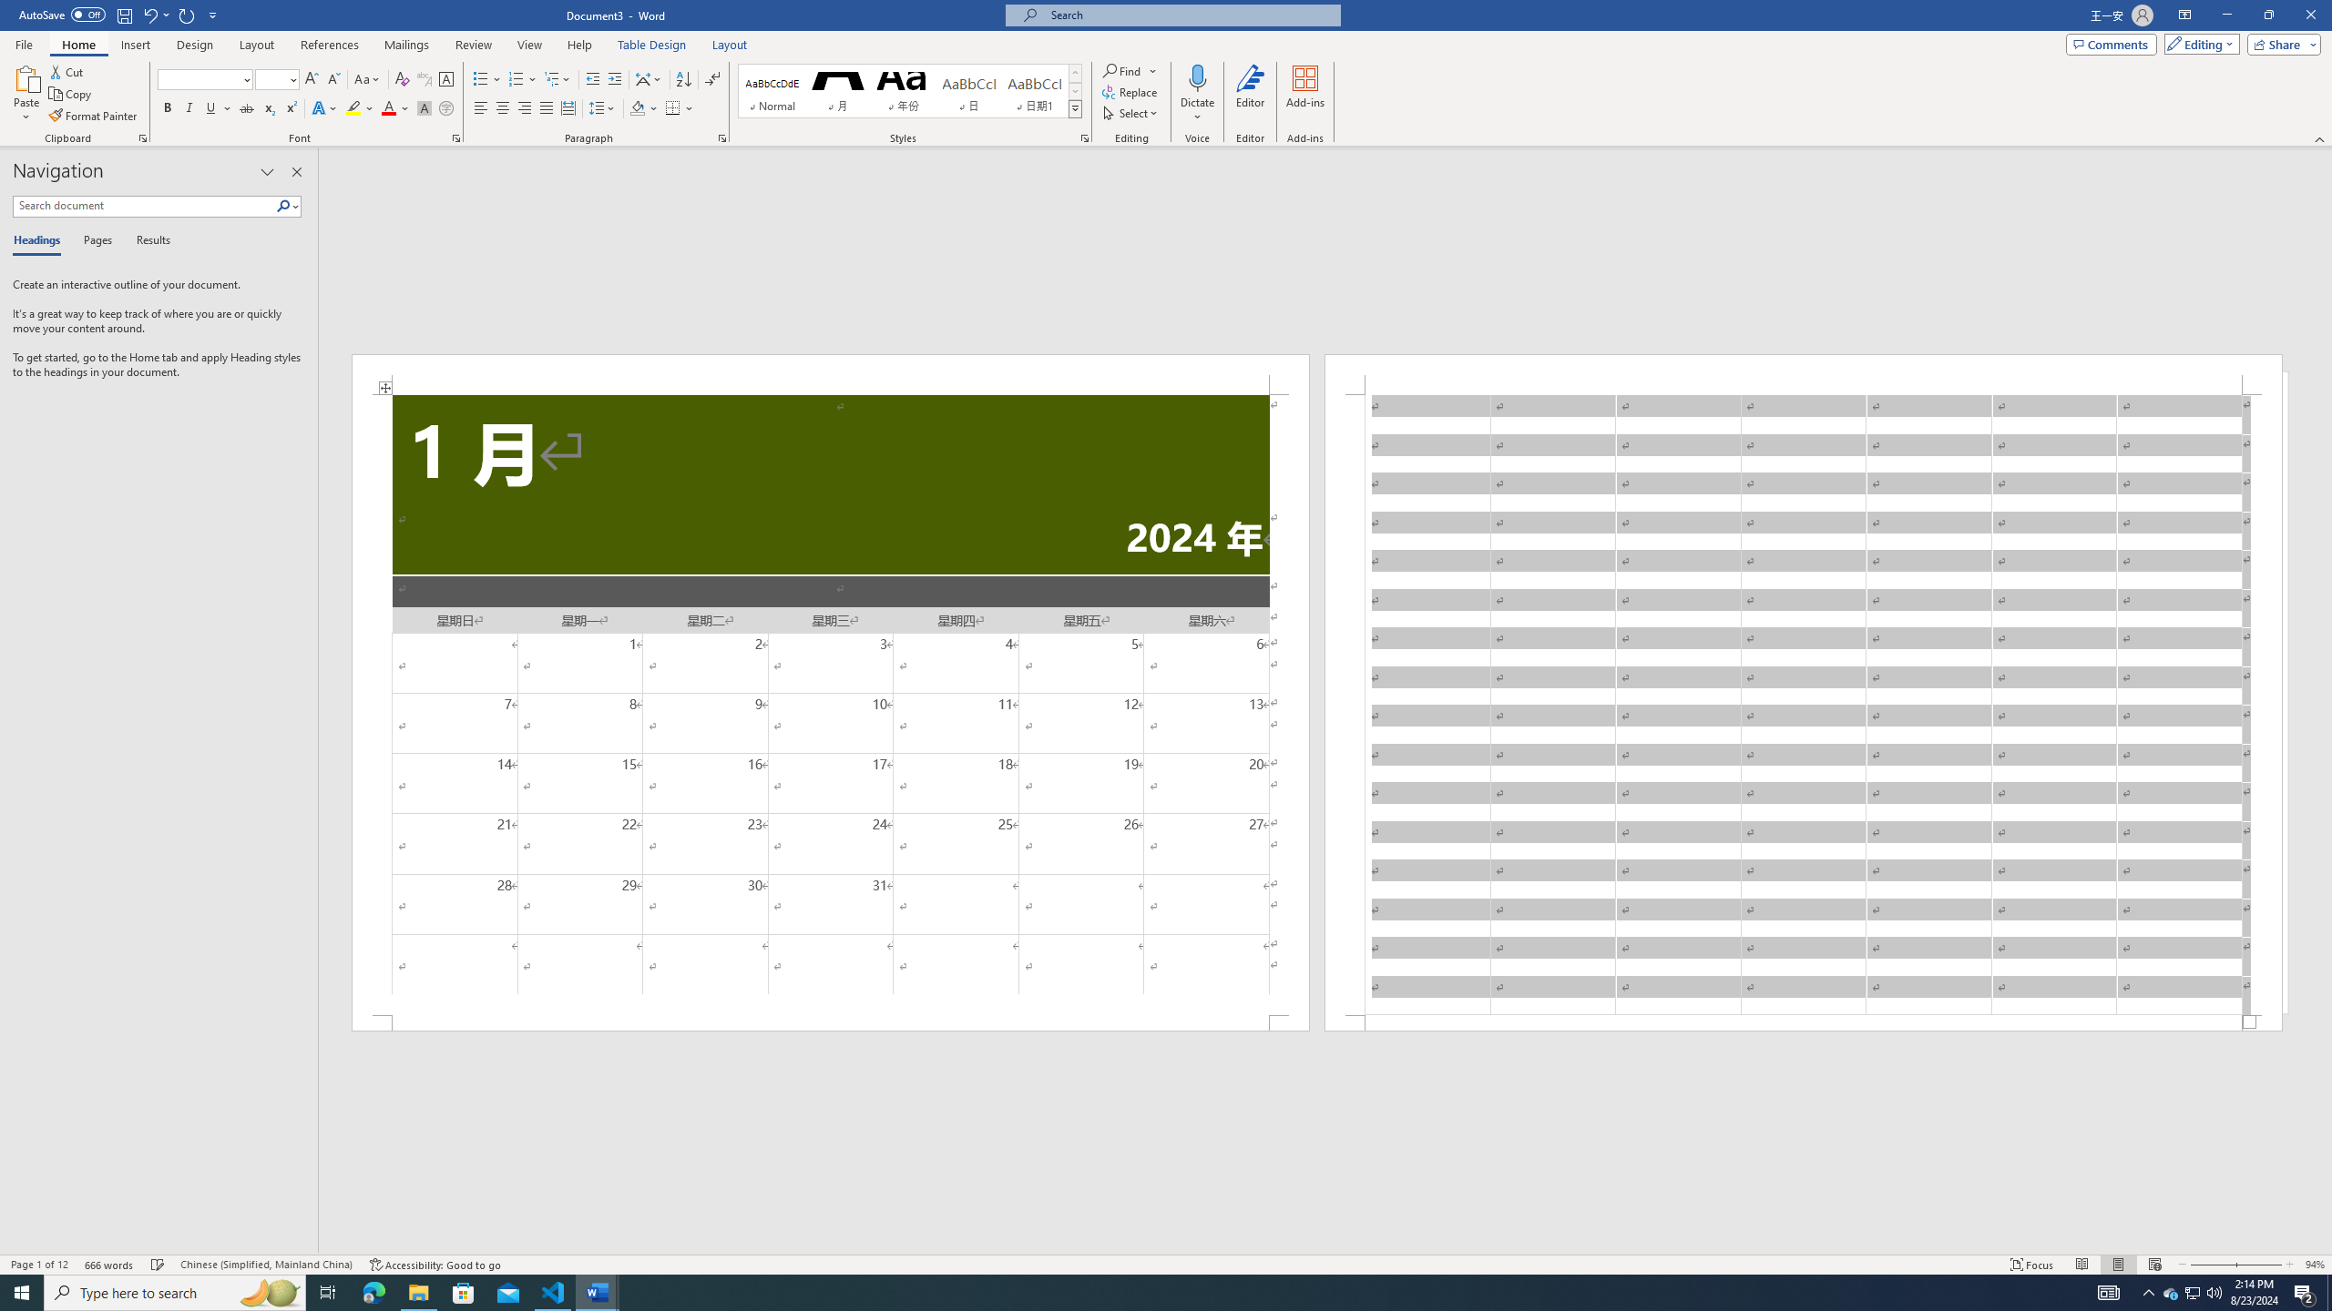 The height and width of the screenshot is (1311, 2332). Describe the element at coordinates (2225, 15) in the screenshot. I see `'Minimize'` at that location.